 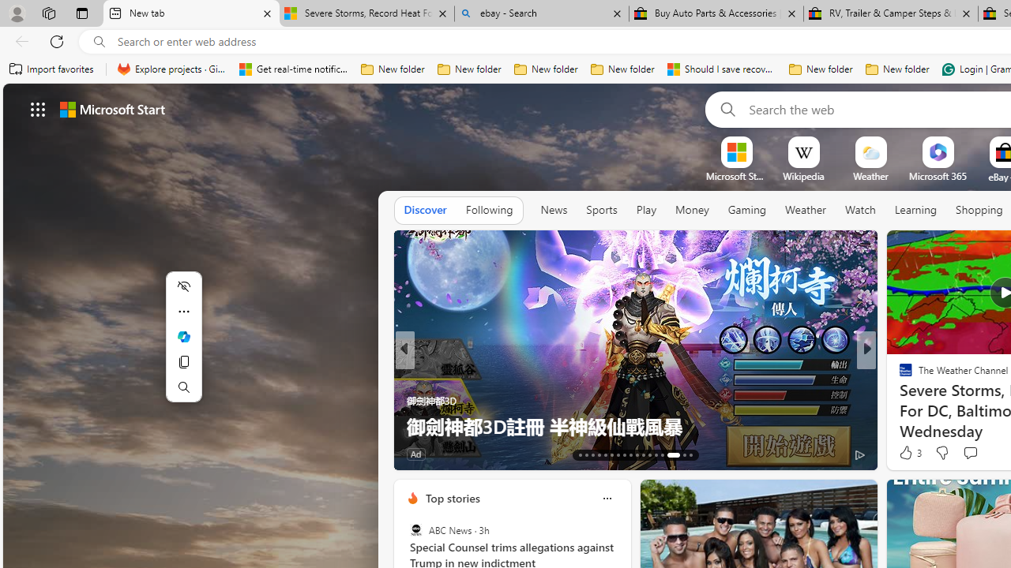 What do you see at coordinates (646, 210) in the screenshot?
I see `'Play'` at bounding box center [646, 210].